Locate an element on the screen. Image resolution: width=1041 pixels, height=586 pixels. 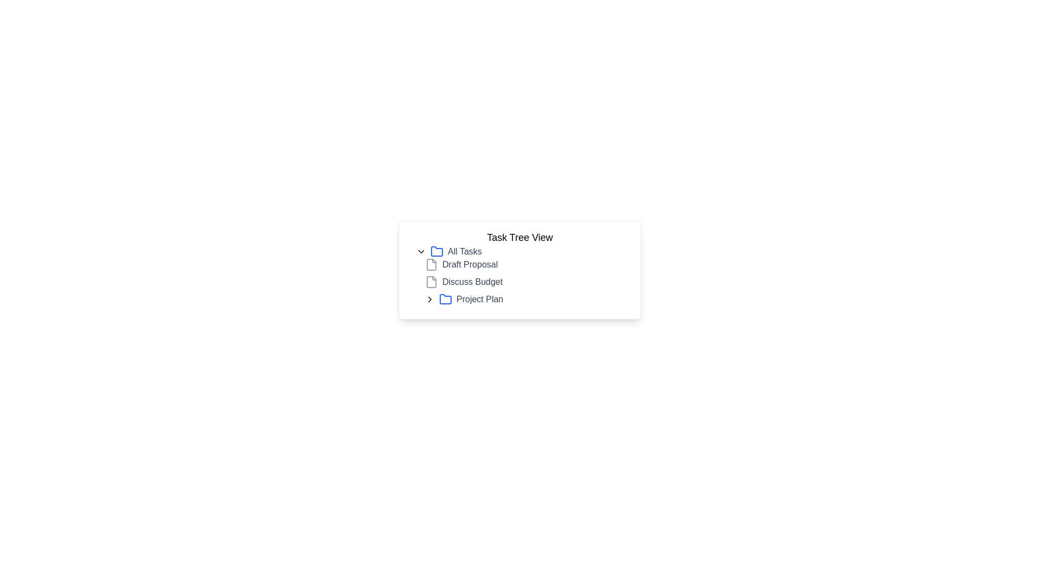
the 'Project Plan' collapsible tree item in the 'Task Tree View' interface to expand or collapse its details is located at coordinates (528, 299).